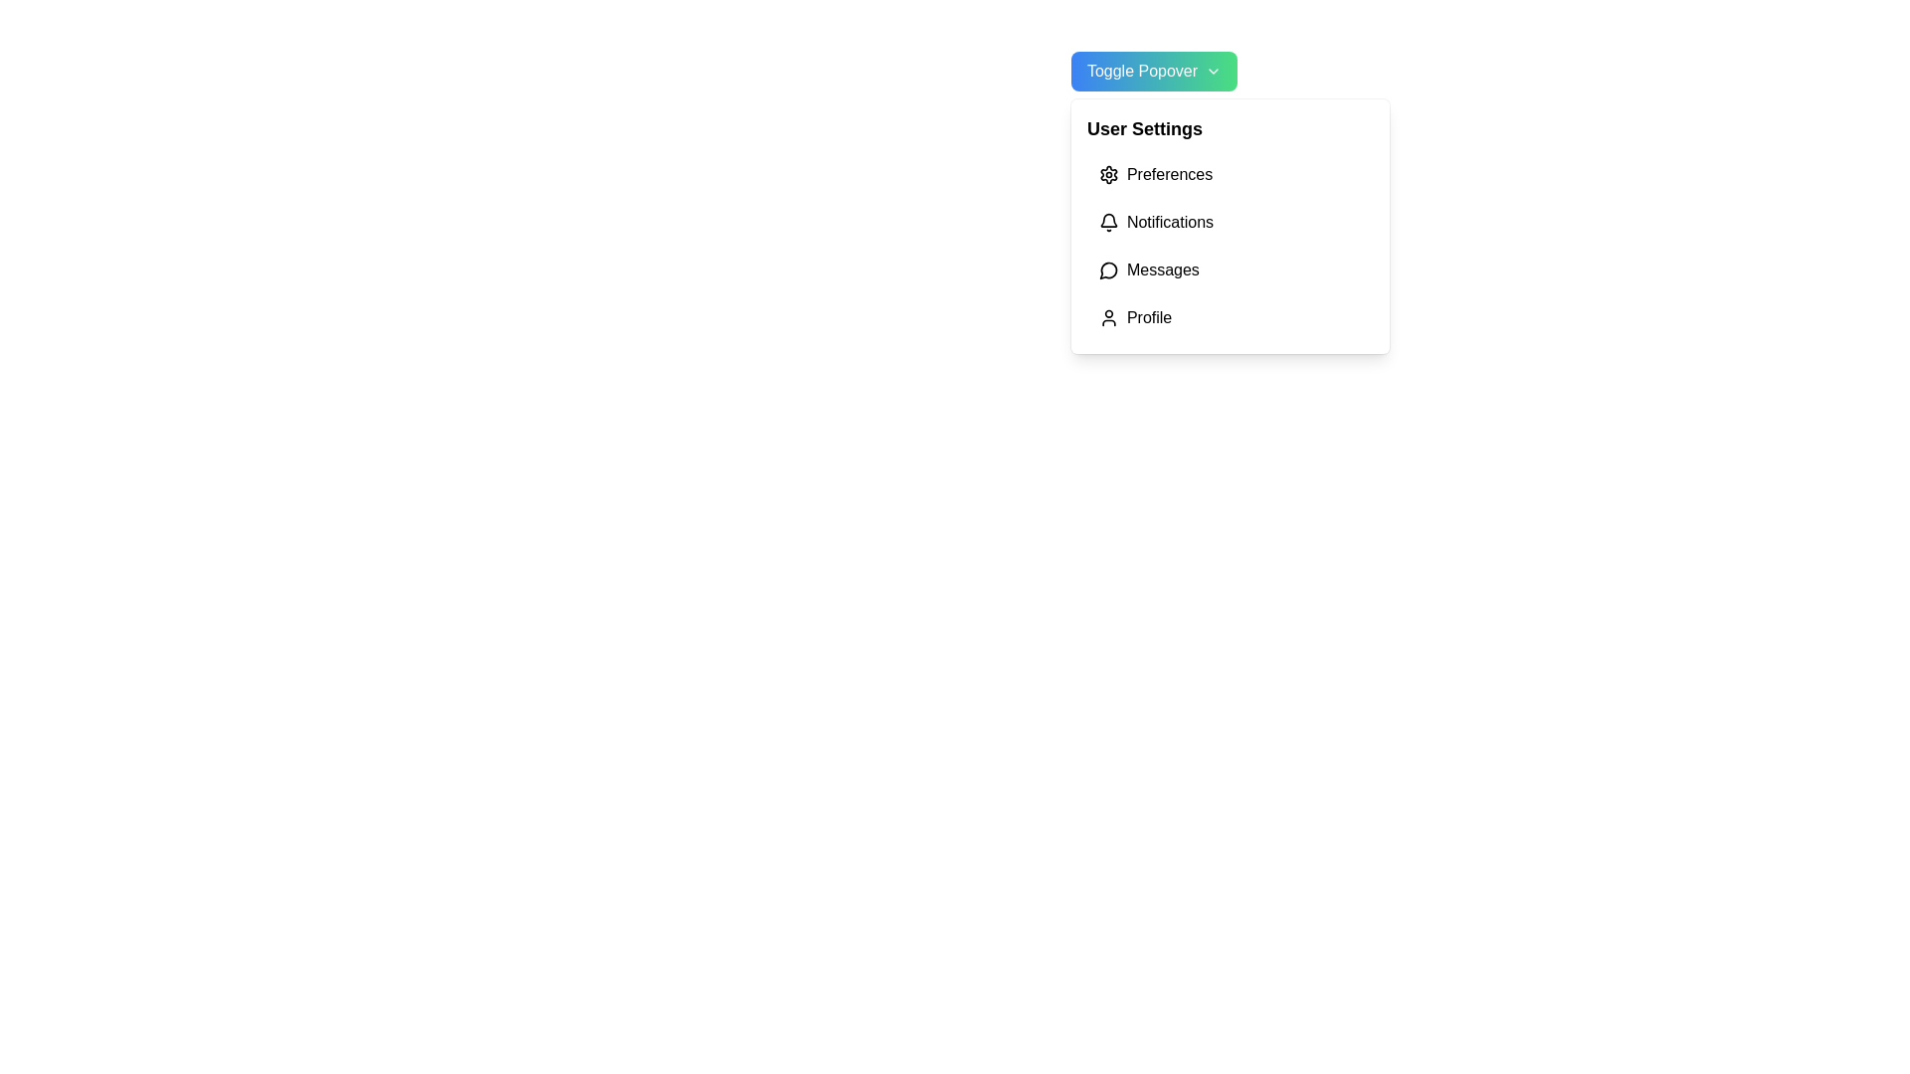 This screenshot has height=1074, width=1910. What do you see at coordinates (1229, 222) in the screenshot?
I see `the second item in the navigation menu which serves as a selection option for notifications, located between 'Preferences' and 'Messages'` at bounding box center [1229, 222].